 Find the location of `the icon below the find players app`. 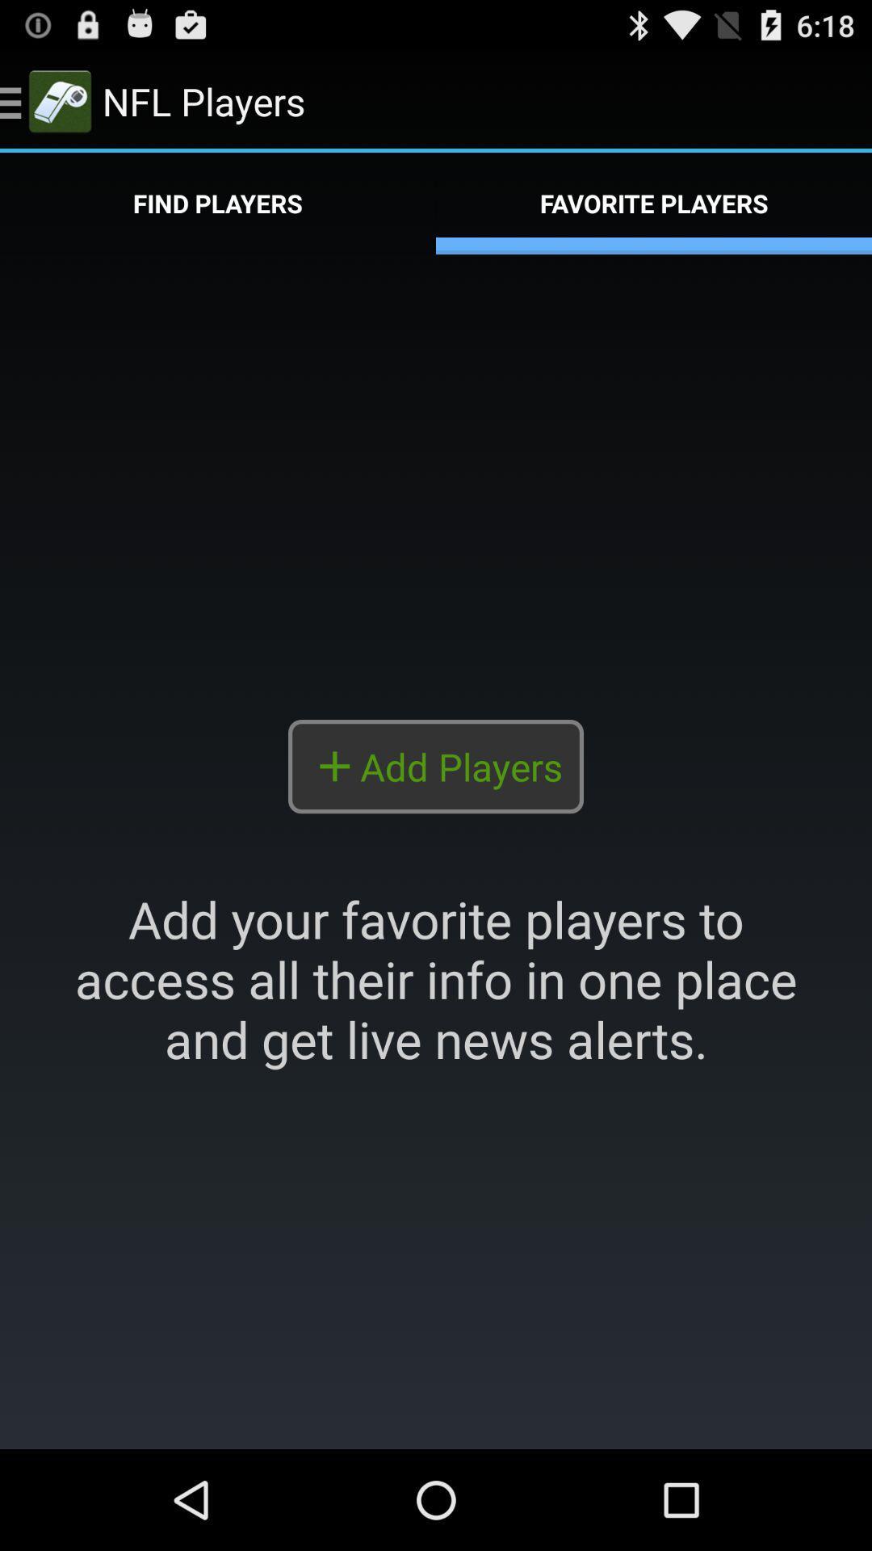

the icon below the find players app is located at coordinates (436, 851).